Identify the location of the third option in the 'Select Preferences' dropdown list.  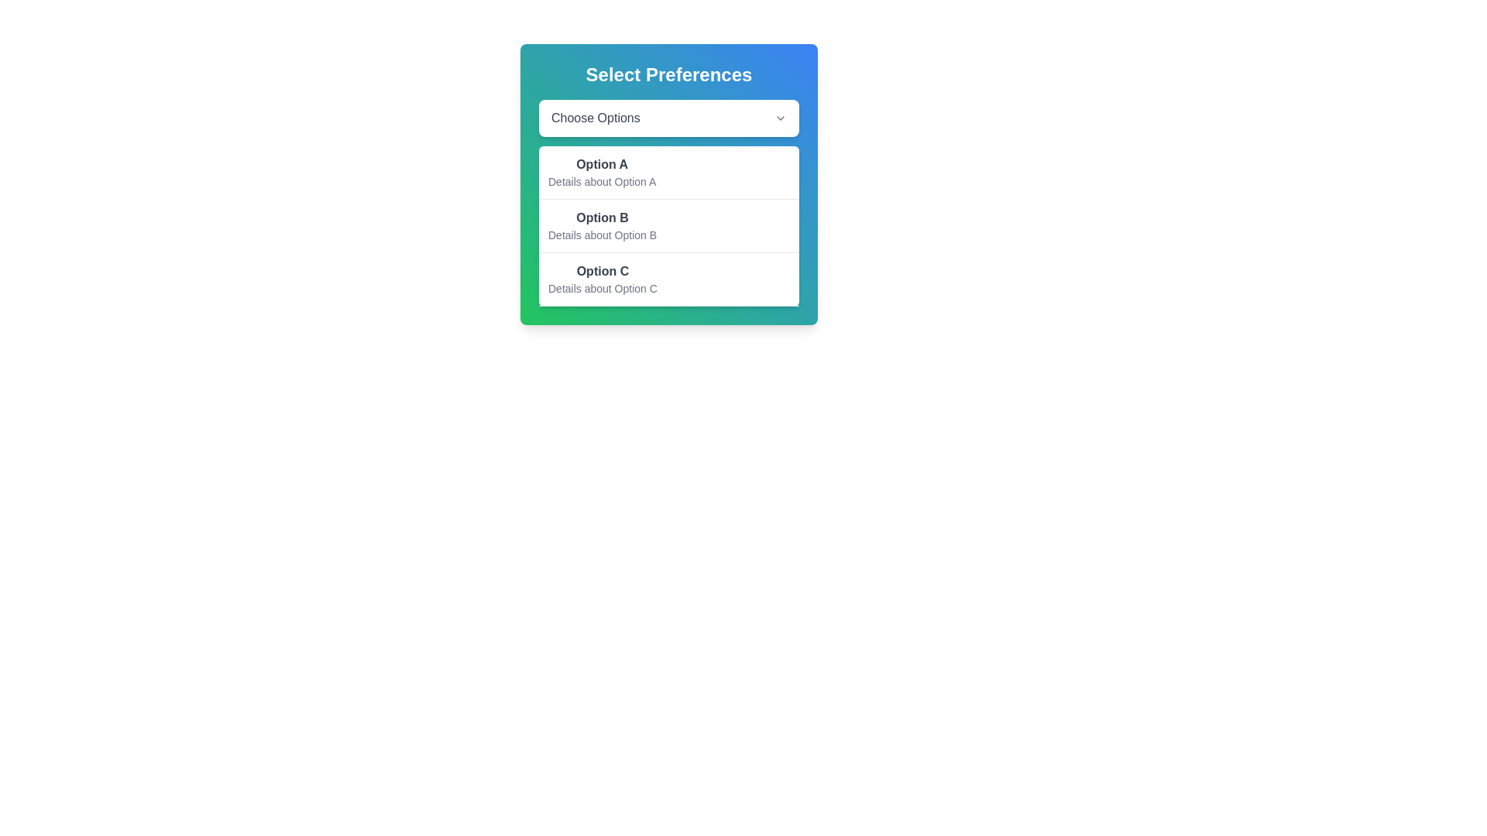
(602, 279).